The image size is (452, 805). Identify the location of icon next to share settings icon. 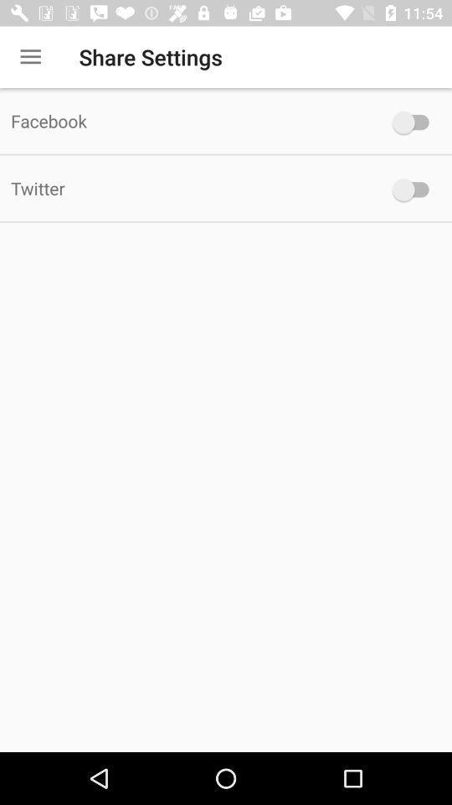
(30, 57).